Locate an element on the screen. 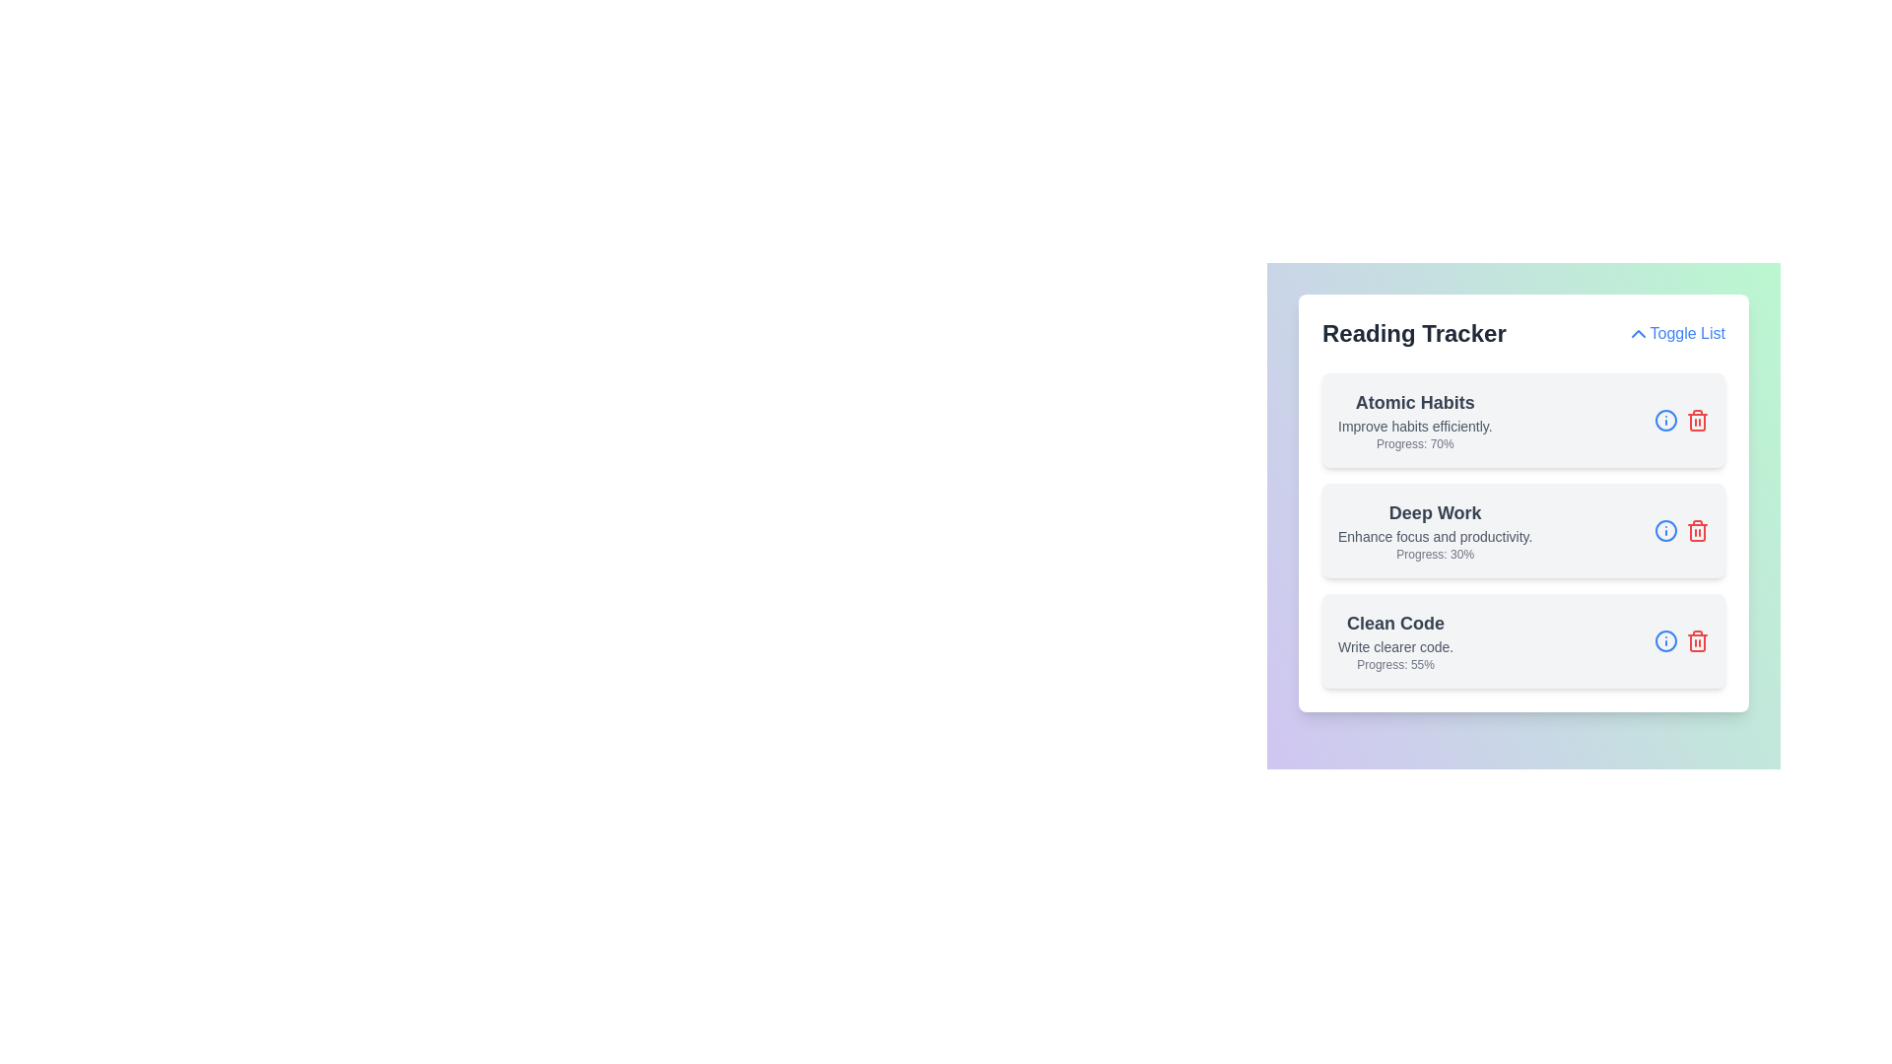  the circular button with an 'i' icon in the Action button group located at the rightmost section of the 'Atomic Habits' card under the 'Reading Tracker' heading is located at coordinates (1681, 420).